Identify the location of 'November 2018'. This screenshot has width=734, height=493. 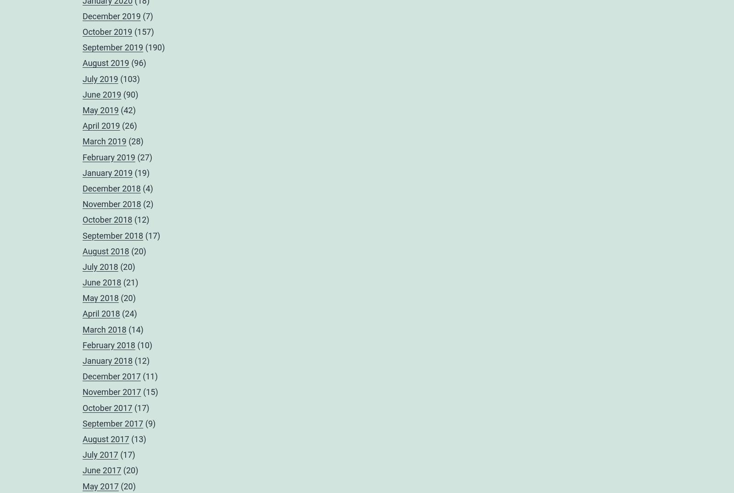
(111, 204).